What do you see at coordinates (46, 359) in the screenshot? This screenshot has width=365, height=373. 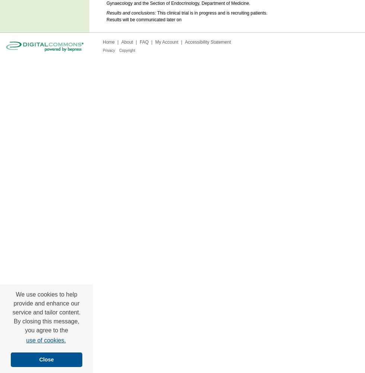 I see `'Close'` at bounding box center [46, 359].